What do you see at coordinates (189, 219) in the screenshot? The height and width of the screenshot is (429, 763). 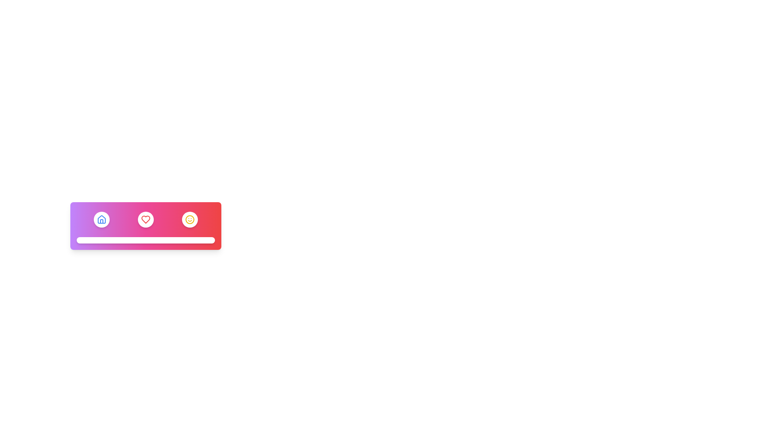 I see `the happy emotion SVG icon located in the center of a circular button with a white background, positioned on the rightmost side of a gradient-colored rectangular bar at the bottom of the layout` at bounding box center [189, 219].